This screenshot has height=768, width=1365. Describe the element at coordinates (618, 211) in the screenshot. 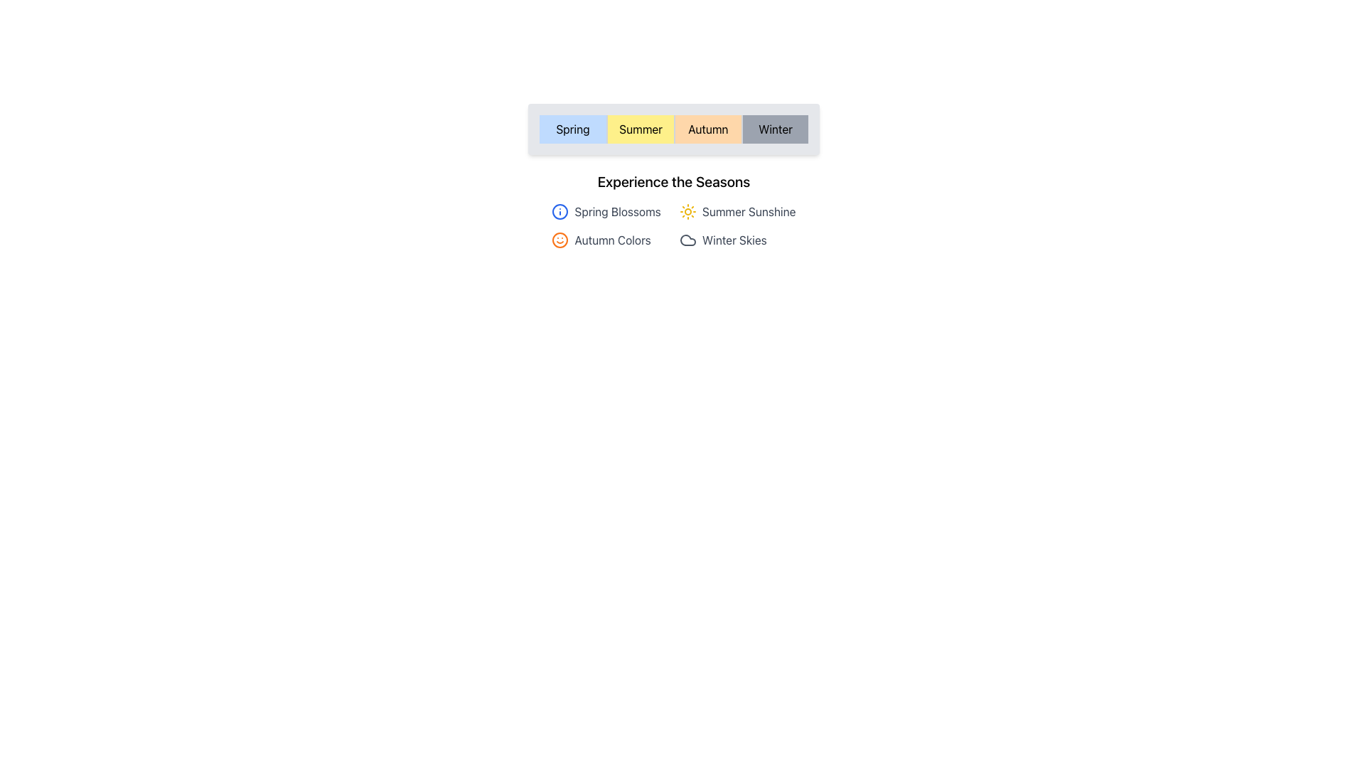

I see `the text label displaying 'Spring Blossoms' in gray color, which is part of the seasonal themes section and located in the top-left quadrant of the content area` at that location.